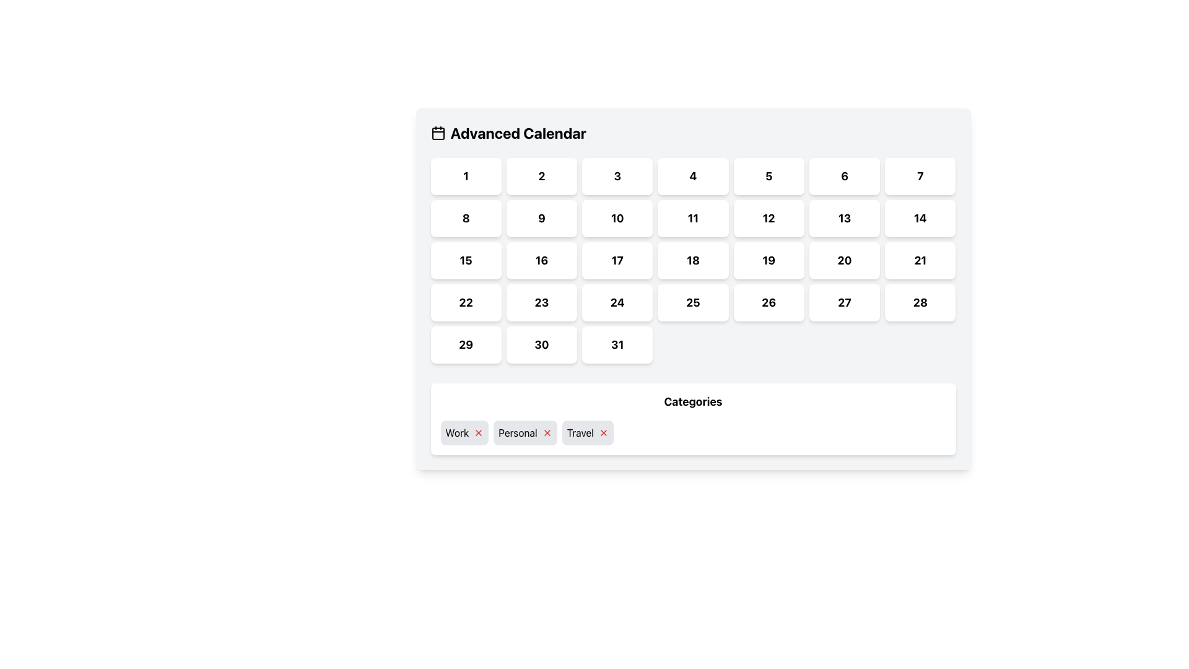  I want to click on the bold, black numeral '6' displayed in the calendar grid, which is centrally positioned within its box with a white background and rounded corners, so click(843, 176).